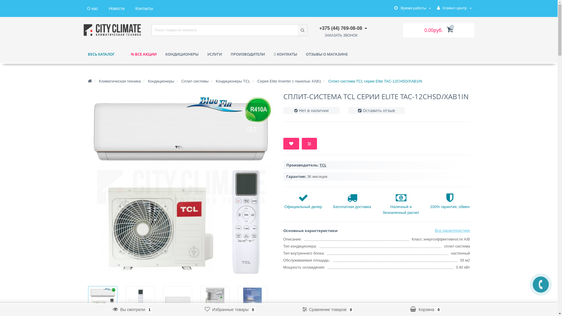  Describe the element at coordinates (319, 165) in the screenshot. I see `'TCL'` at that location.